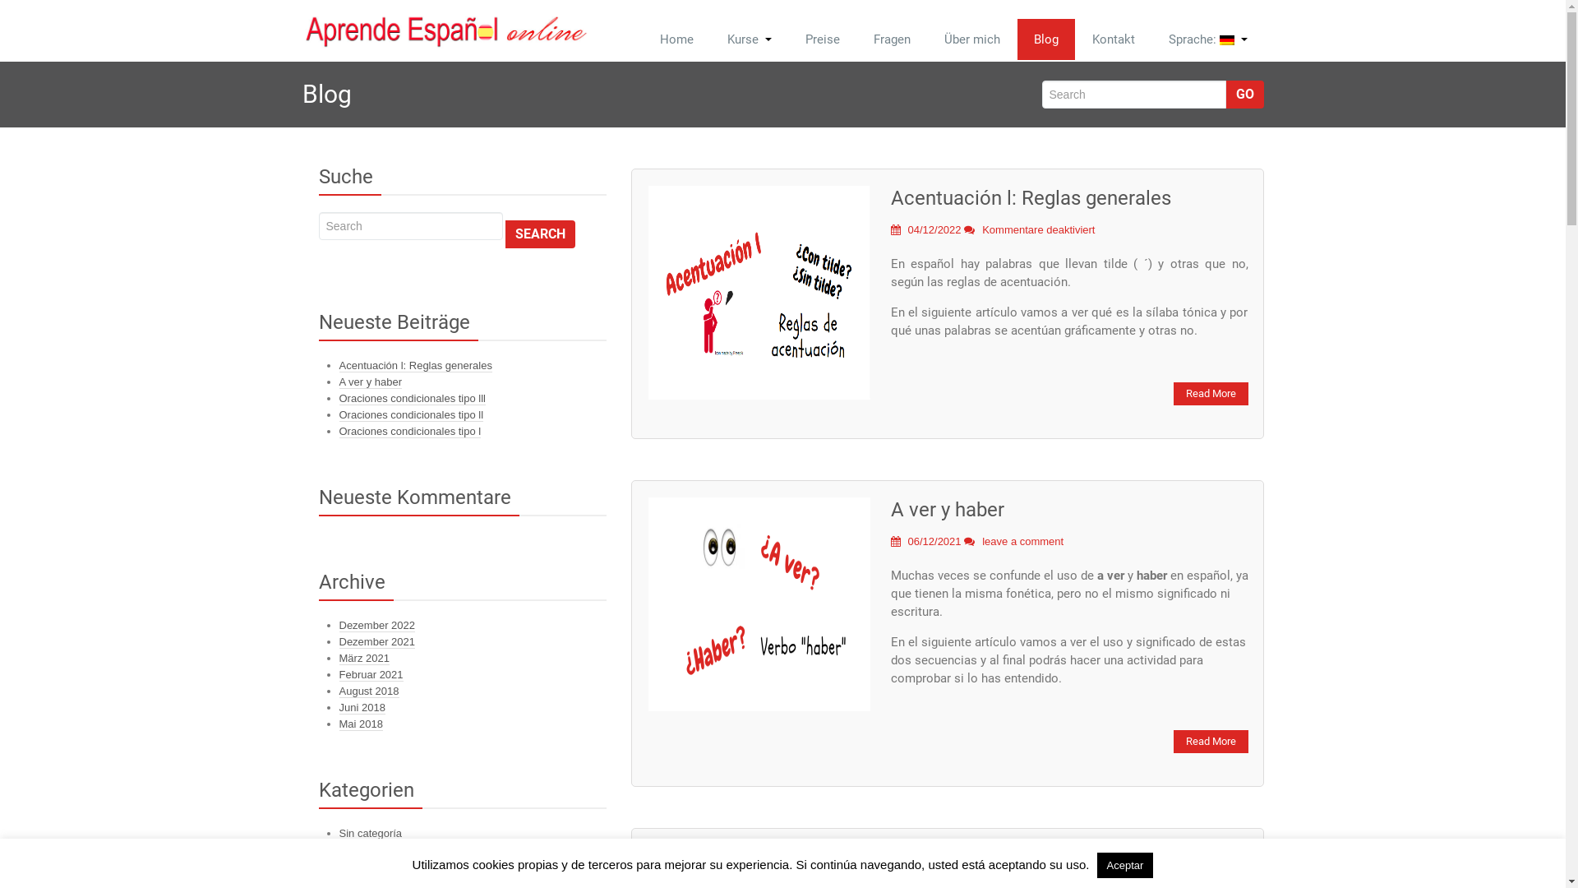 This screenshot has width=1578, height=888. I want to click on 'Juni 2018', so click(338, 706).